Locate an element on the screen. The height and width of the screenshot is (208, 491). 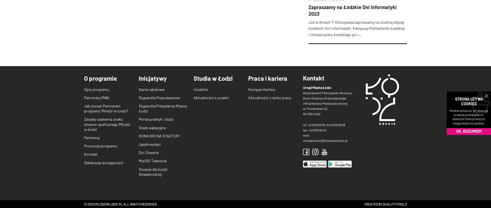
'42 638 59 40' is located at coordinates (318, 129).